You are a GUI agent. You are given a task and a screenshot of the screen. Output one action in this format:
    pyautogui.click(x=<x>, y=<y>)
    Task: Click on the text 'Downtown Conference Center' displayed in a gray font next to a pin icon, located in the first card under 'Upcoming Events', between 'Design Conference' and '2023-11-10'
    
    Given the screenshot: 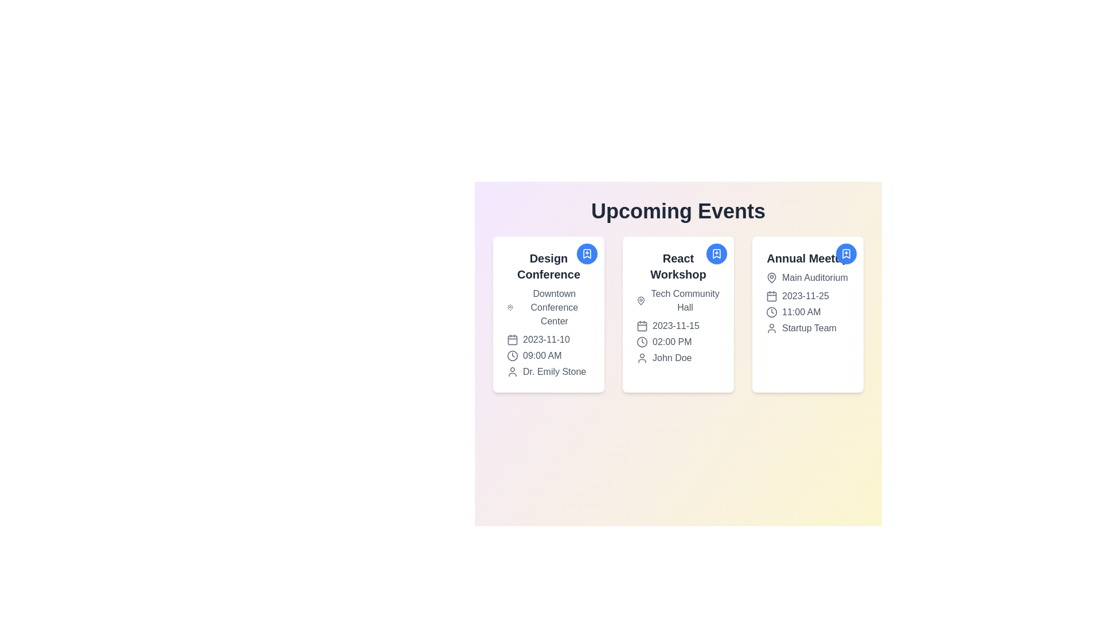 What is the action you would take?
    pyautogui.click(x=548, y=307)
    